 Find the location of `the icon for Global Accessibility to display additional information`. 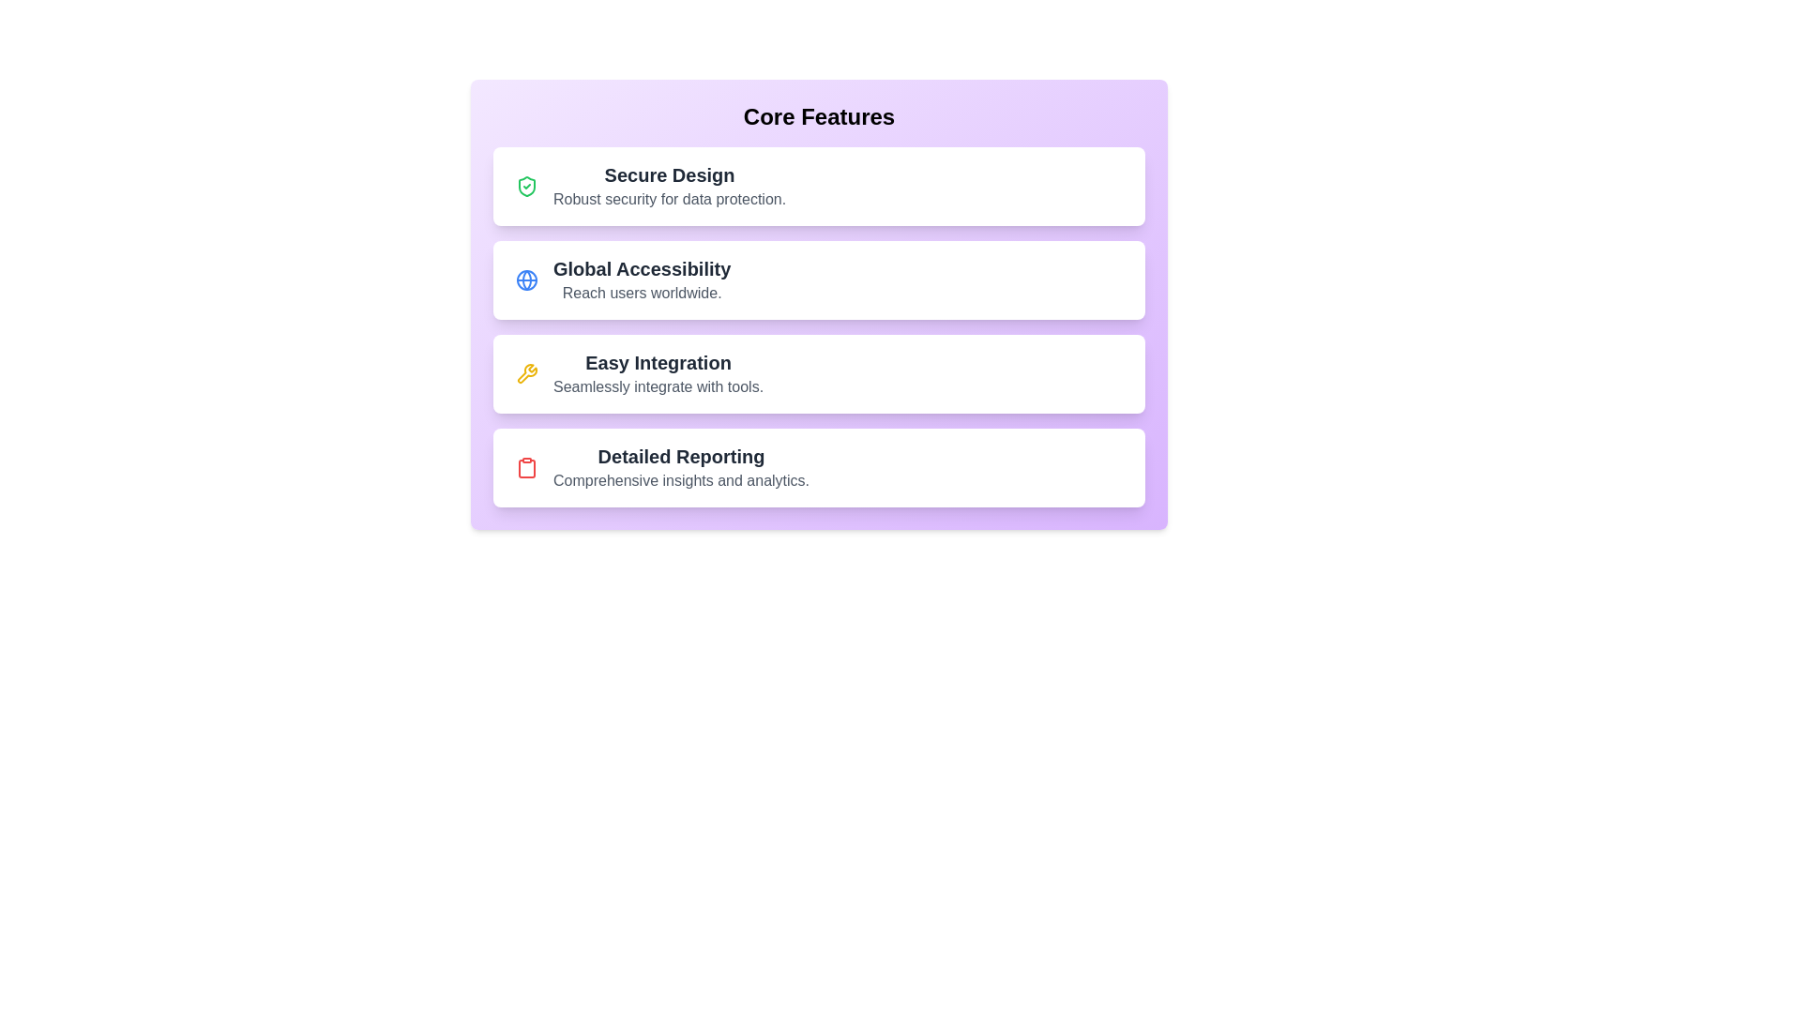

the icon for Global Accessibility to display additional information is located at coordinates (525, 280).